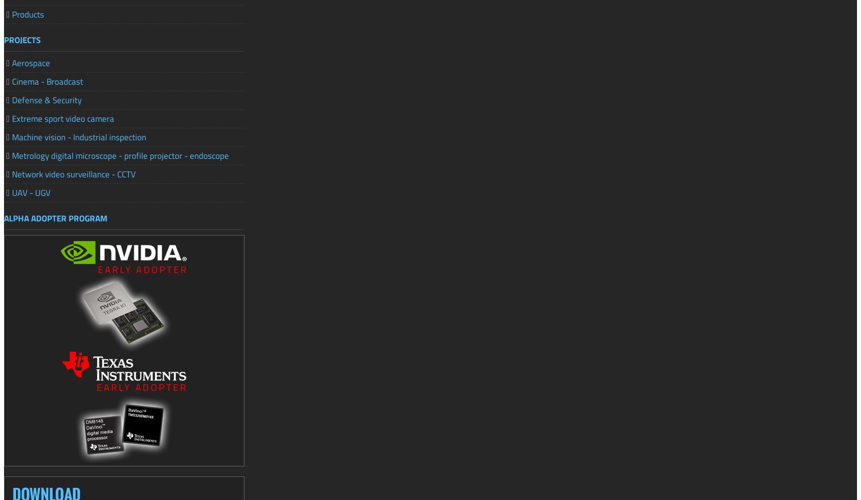  Describe the element at coordinates (22, 39) in the screenshot. I see `'PROJECTS'` at that location.